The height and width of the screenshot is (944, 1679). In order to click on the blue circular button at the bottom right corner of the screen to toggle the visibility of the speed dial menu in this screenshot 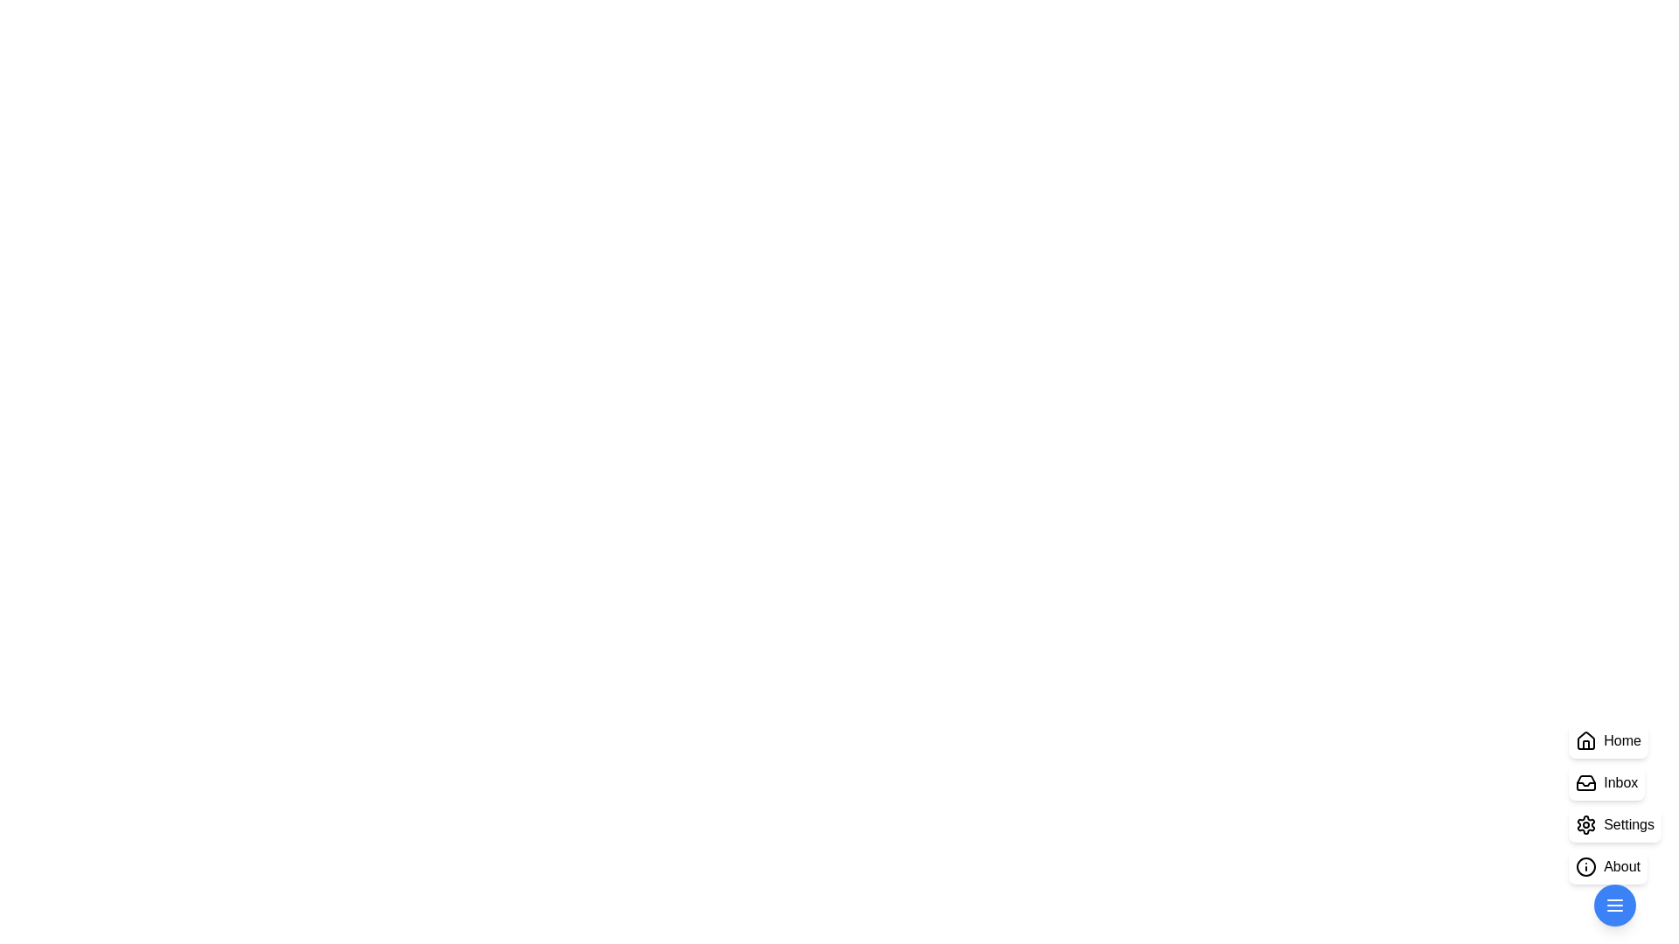, I will do `click(1614, 905)`.